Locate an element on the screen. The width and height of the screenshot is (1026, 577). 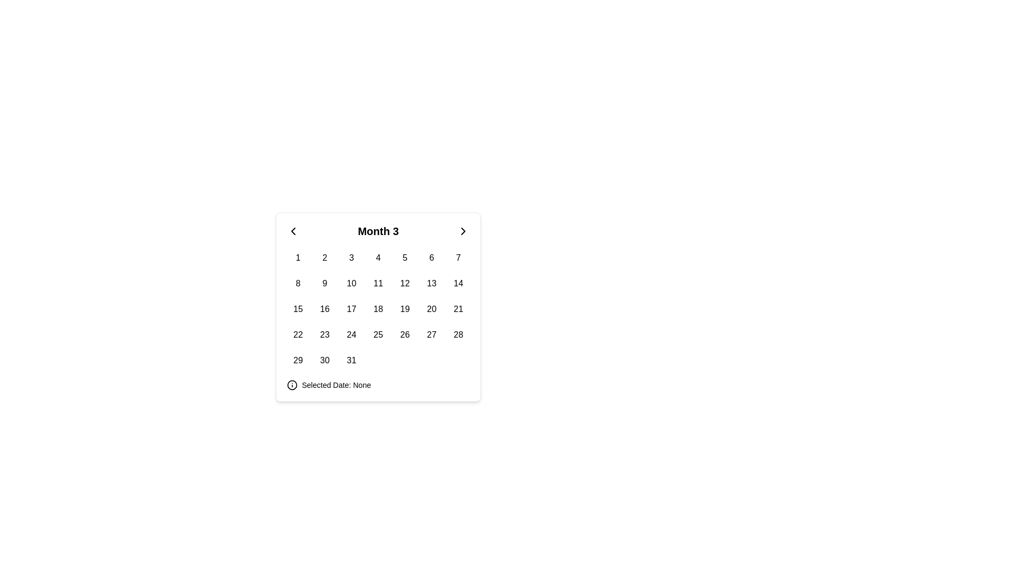
the calendar day cell displaying the number '19', which is styled as a button but is not interactive, located in the third row and fifth column of the calendar grid is located at coordinates (405, 309).